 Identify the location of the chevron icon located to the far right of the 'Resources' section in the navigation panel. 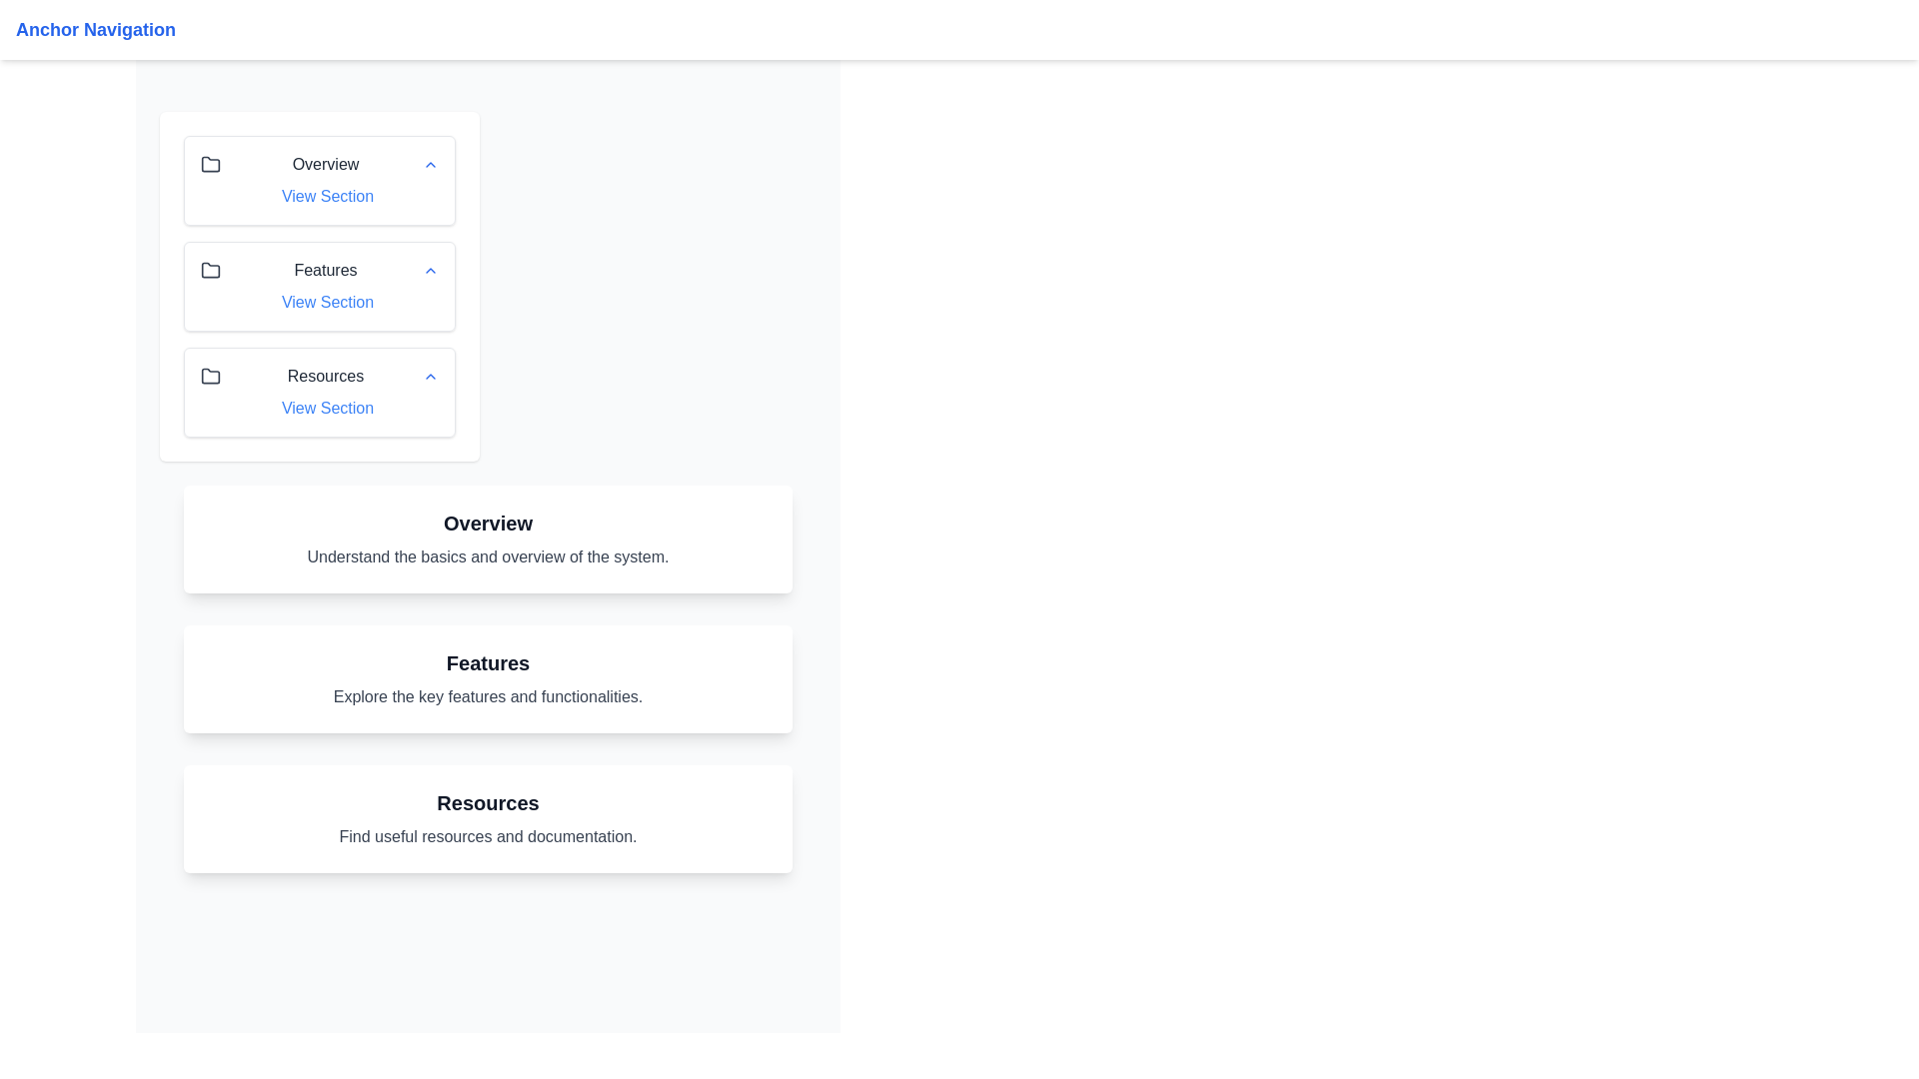
(430, 377).